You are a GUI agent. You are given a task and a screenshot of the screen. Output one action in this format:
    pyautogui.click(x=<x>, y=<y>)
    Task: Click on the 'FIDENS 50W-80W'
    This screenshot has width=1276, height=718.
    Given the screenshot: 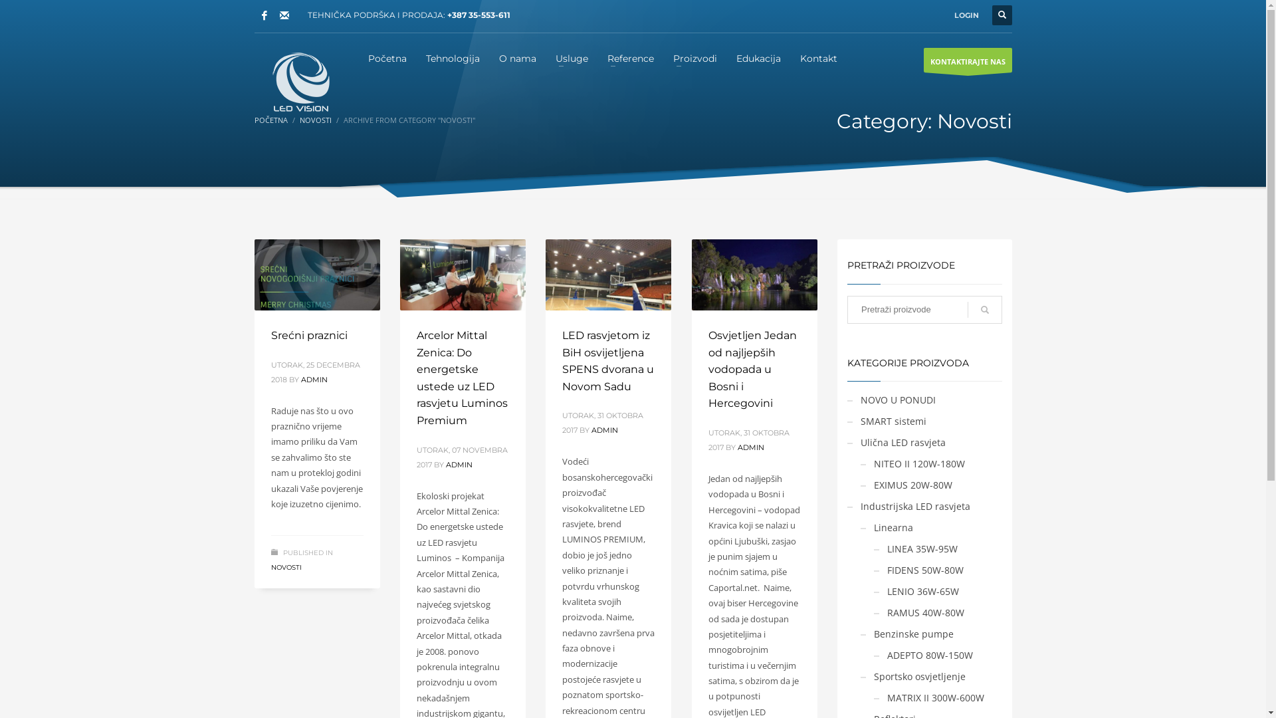 What is the action you would take?
    pyautogui.click(x=874, y=569)
    